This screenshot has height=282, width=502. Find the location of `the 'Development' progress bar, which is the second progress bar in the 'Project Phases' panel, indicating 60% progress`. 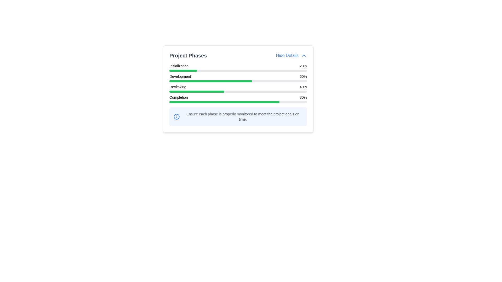

the 'Development' progress bar, which is the second progress bar in the 'Project Phases' panel, indicating 60% progress is located at coordinates (238, 78).